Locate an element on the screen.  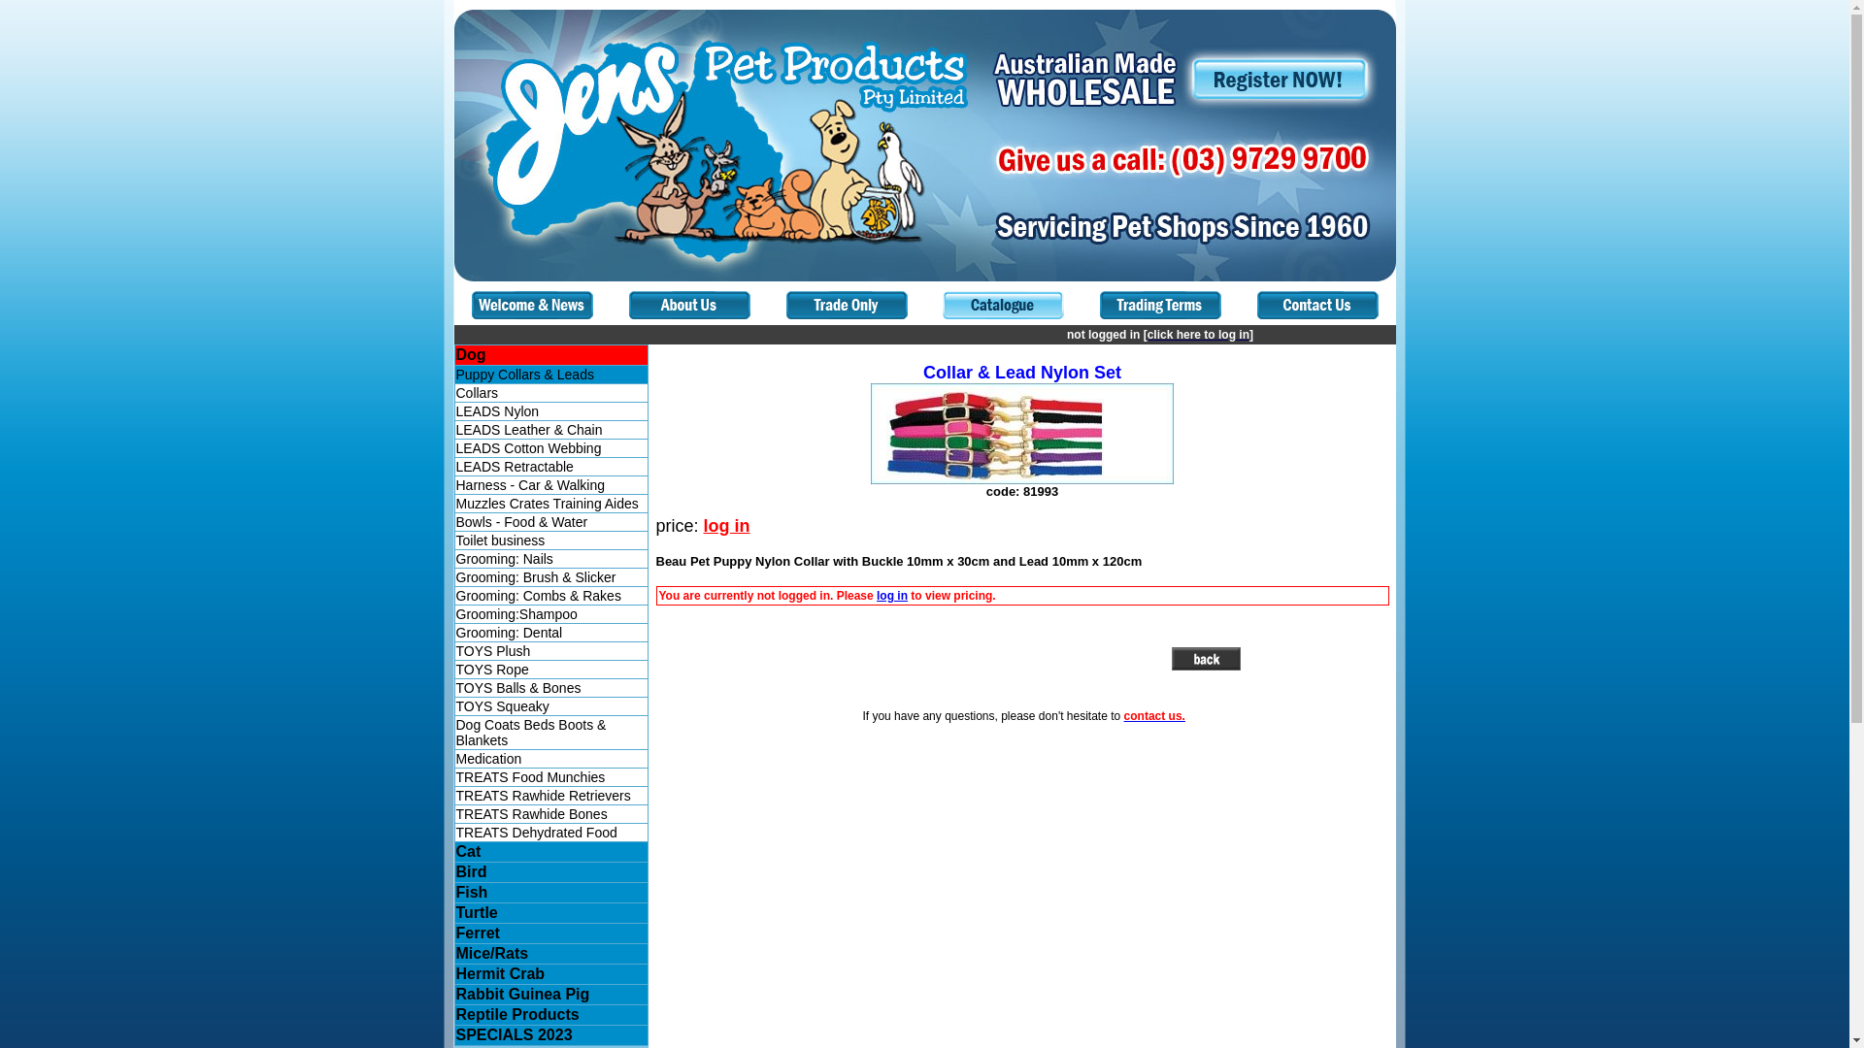
'Grooming: Nails' is located at coordinates (504, 558).